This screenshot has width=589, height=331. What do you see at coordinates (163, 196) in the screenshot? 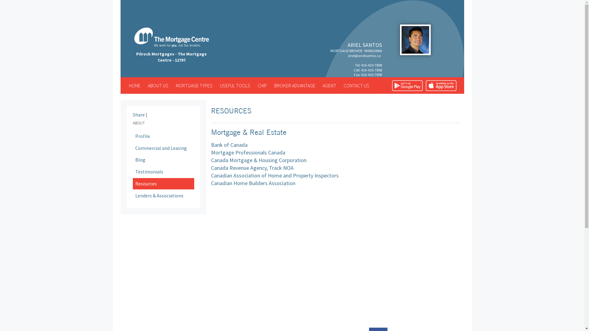
I see `'Lenders & Associations'` at bounding box center [163, 196].